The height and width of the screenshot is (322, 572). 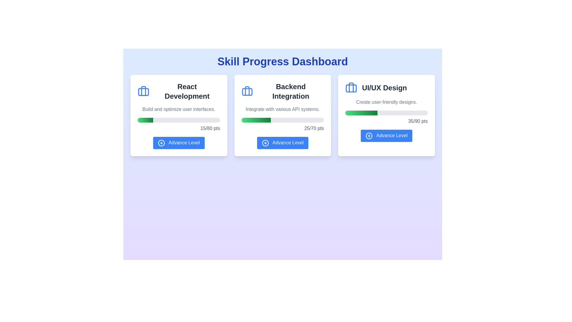 What do you see at coordinates (161, 143) in the screenshot?
I see `the icon representing the 'Advance Level' action located to the left of the text on the 'Advance Level' button within the 'React Development' card on the dashboard` at bounding box center [161, 143].